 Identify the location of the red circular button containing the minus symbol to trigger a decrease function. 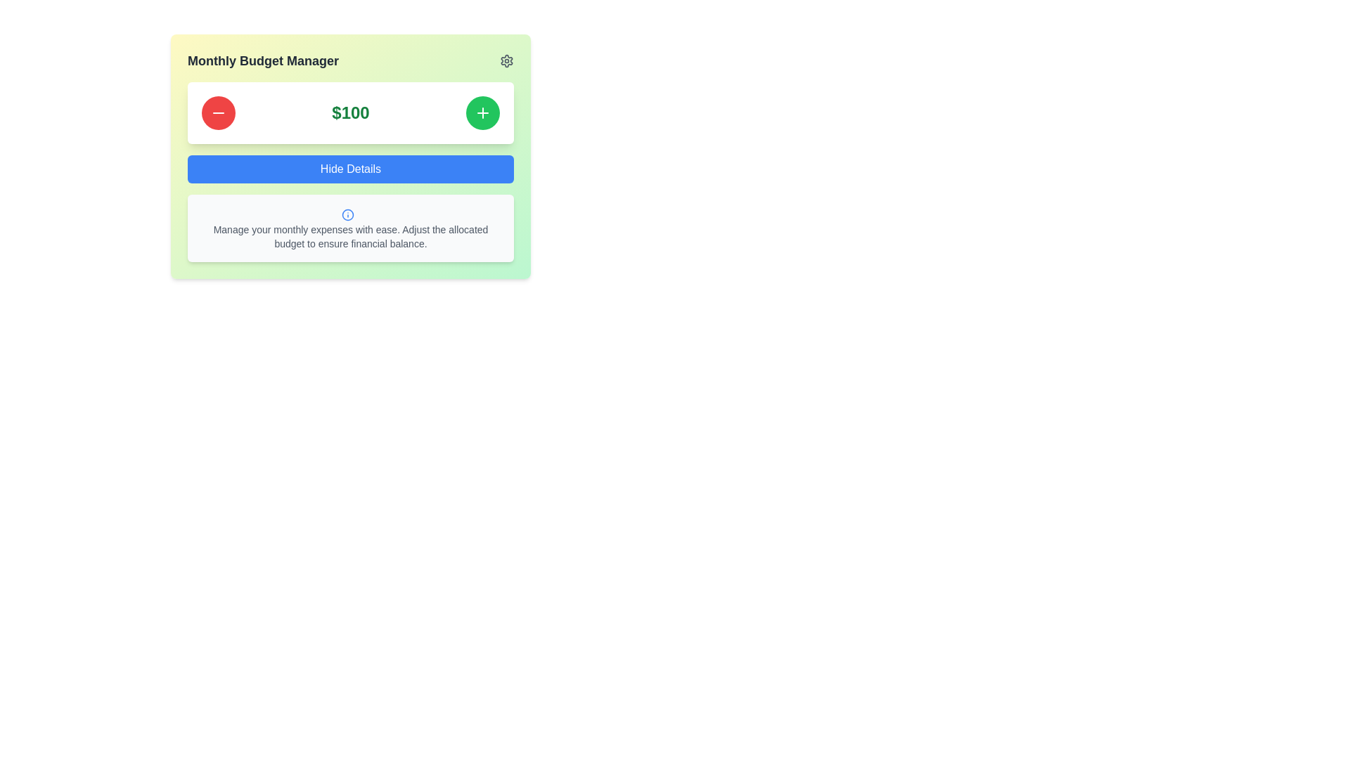
(218, 112).